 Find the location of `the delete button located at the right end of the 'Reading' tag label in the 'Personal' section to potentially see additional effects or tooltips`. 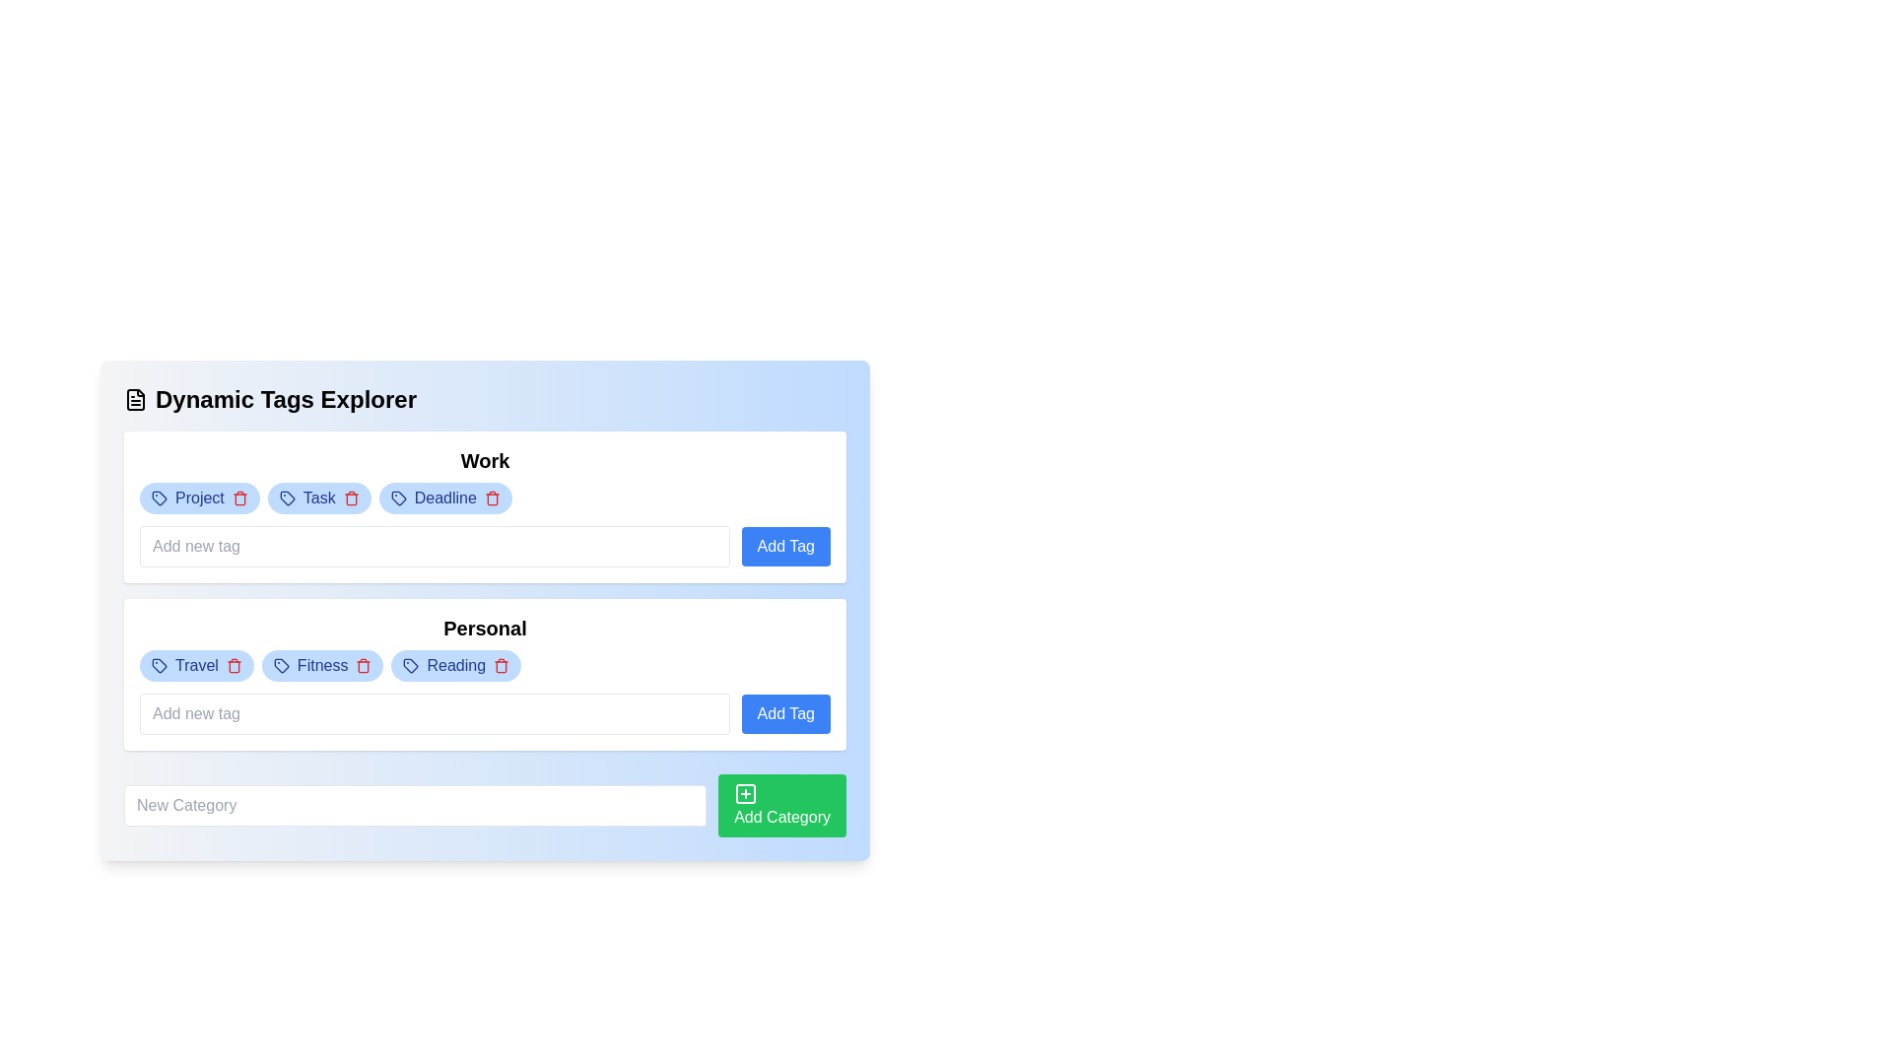

the delete button located at the right end of the 'Reading' tag label in the 'Personal' section to potentially see additional effects or tooltips is located at coordinates (501, 665).